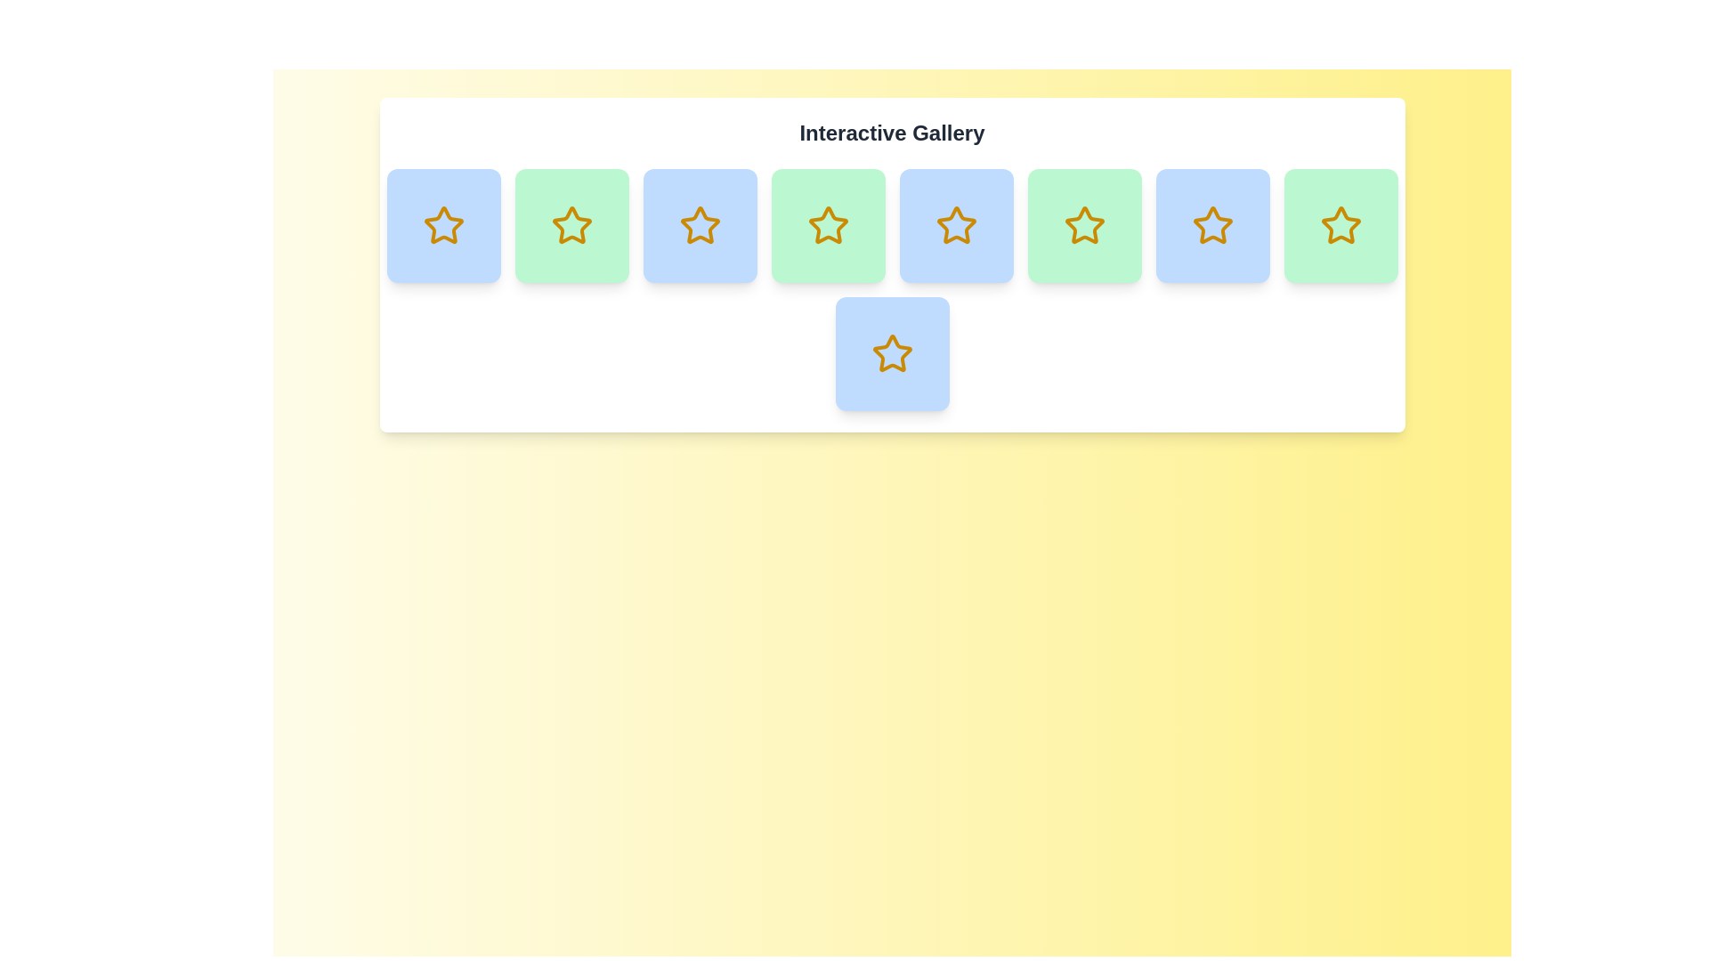 This screenshot has height=961, width=1709. What do you see at coordinates (955, 224) in the screenshot?
I see `the star-shaped icon with a gold outline inside a blue square` at bounding box center [955, 224].